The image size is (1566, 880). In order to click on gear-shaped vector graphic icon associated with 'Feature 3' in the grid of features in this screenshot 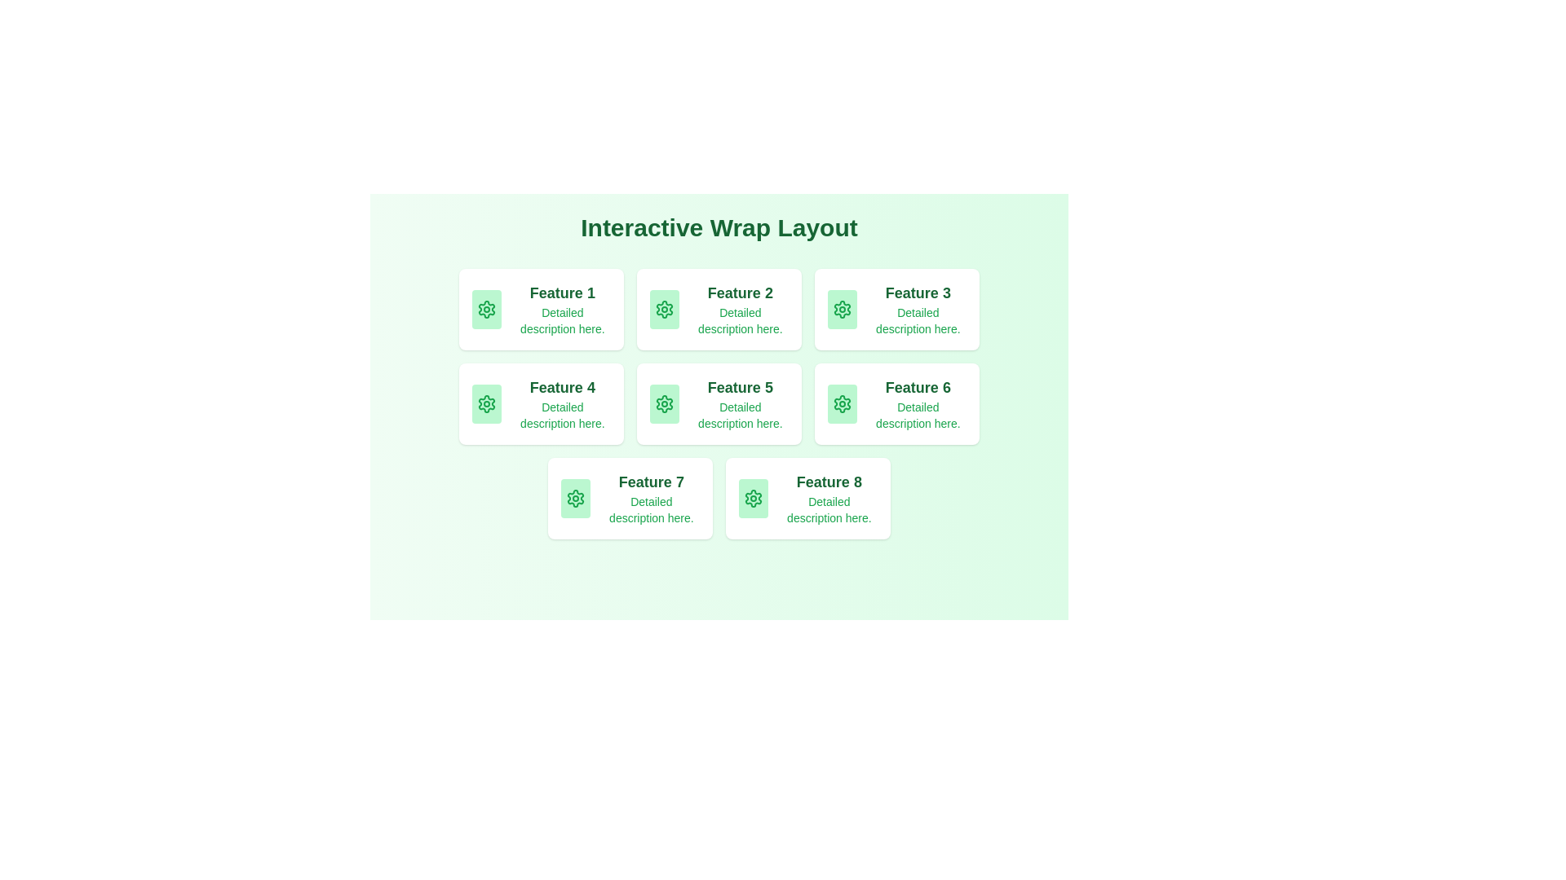, I will do `click(842, 310)`.